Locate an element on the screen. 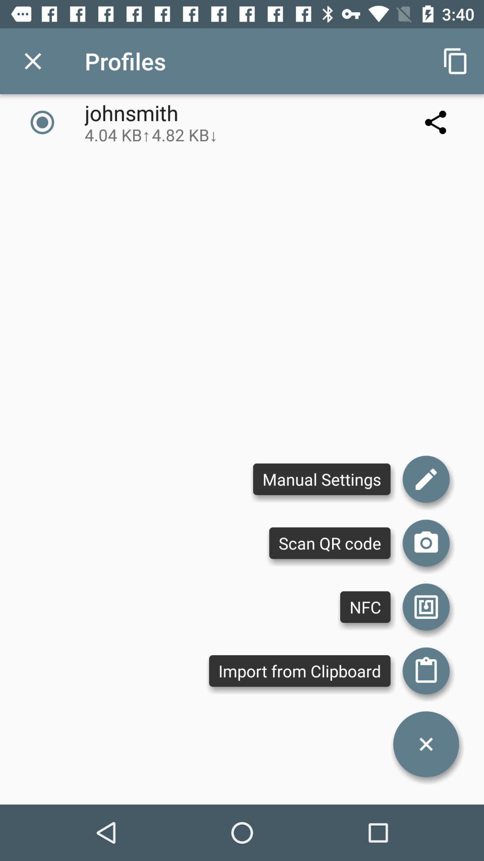 The image size is (484, 861). item to the right of the johnsmith 4 04 icon is located at coordinates (456, 61).